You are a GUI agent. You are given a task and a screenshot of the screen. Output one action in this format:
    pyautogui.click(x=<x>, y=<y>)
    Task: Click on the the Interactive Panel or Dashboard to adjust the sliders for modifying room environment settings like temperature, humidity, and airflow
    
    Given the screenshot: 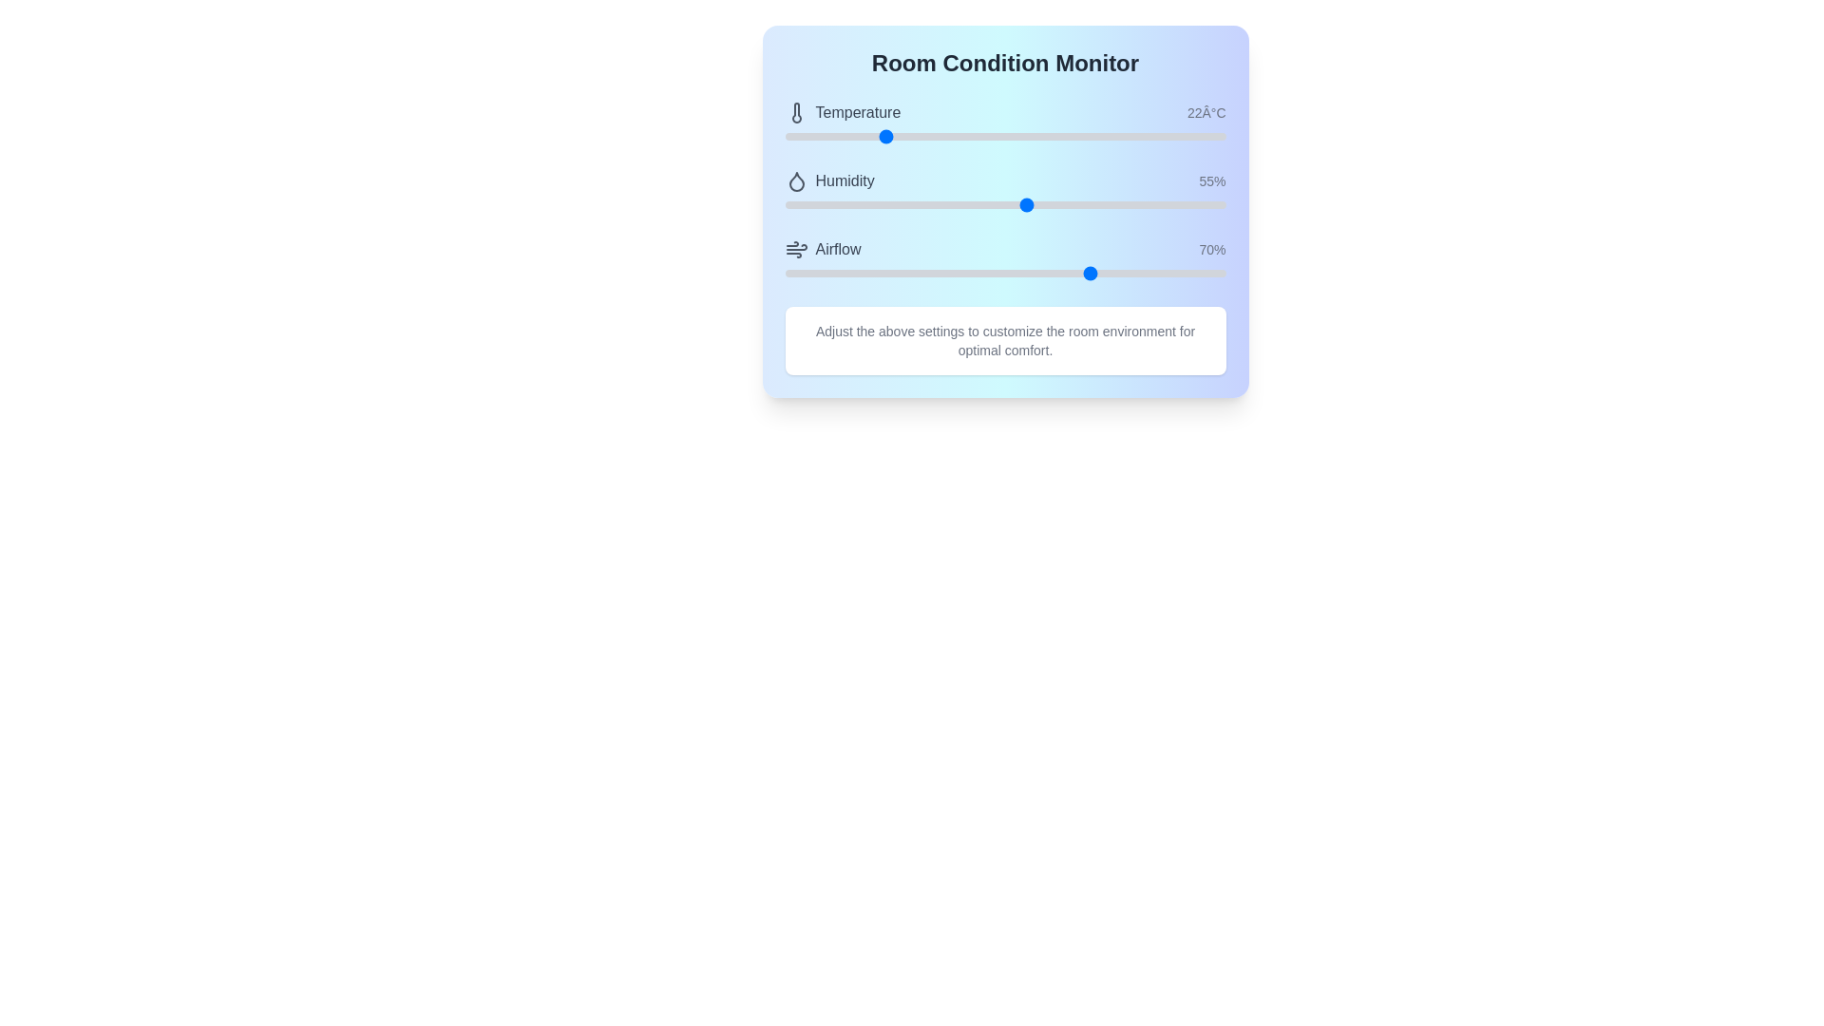 What is the action you would take?
    pyautogui.click(x=1004, y=226)
    